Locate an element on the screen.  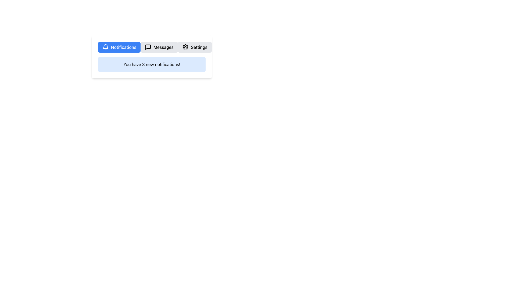
the message icon, which is a speech bubble outline with a tail, located immediately to the left of the 'Messages' text in the navigation area is located at coordinates (148, 47).